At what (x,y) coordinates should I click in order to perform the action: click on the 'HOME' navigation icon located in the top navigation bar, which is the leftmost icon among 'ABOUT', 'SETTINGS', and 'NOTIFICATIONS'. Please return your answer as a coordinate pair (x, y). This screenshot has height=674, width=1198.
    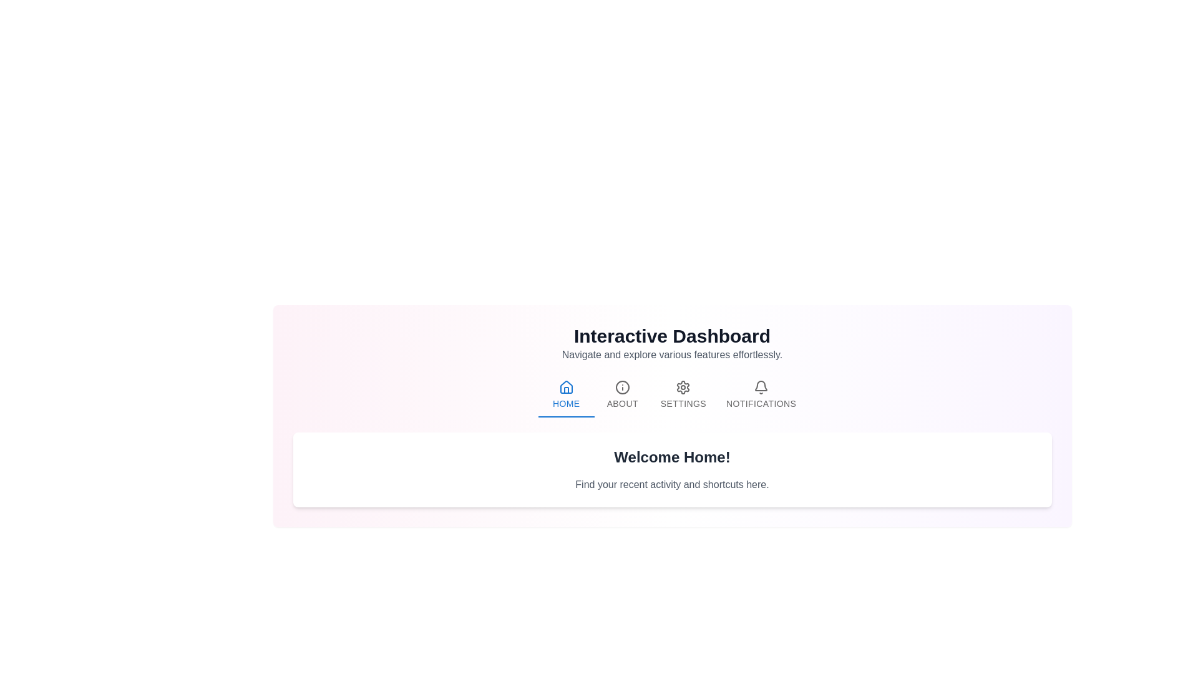
    Looking at the image, I should click on (565, 386).